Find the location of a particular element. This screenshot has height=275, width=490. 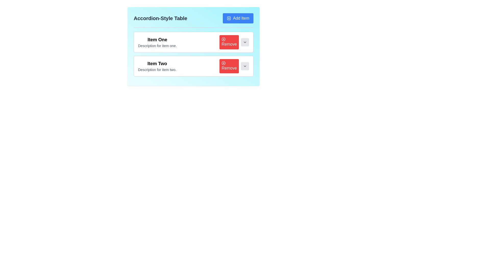

the downwards chevron arrow icon located on the right side of the 'Item Two' row is located at coordinates (245, 42).